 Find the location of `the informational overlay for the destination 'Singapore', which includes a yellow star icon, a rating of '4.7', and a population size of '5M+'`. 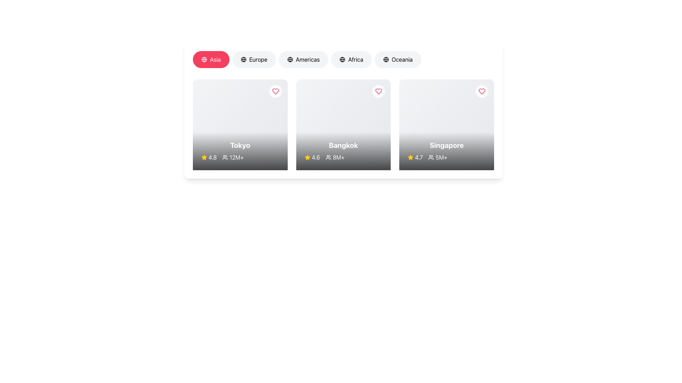

the informational overlay for the destination 'Singapore', which includes a yellow star icon, a rating of '4.7', and a population size of '5M+' is located at coordinates (446, 150).